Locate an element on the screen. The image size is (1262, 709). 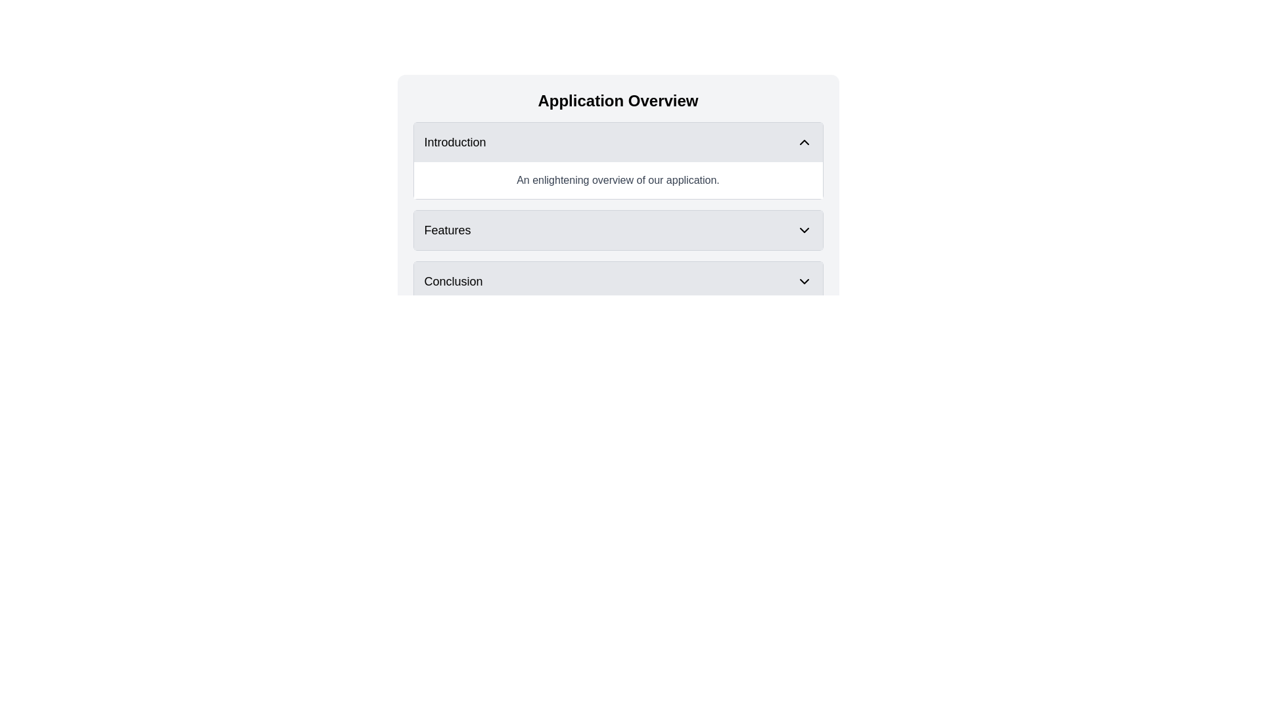
the Accordion Header for keyboard interaction is located at coordinates (617, 280).